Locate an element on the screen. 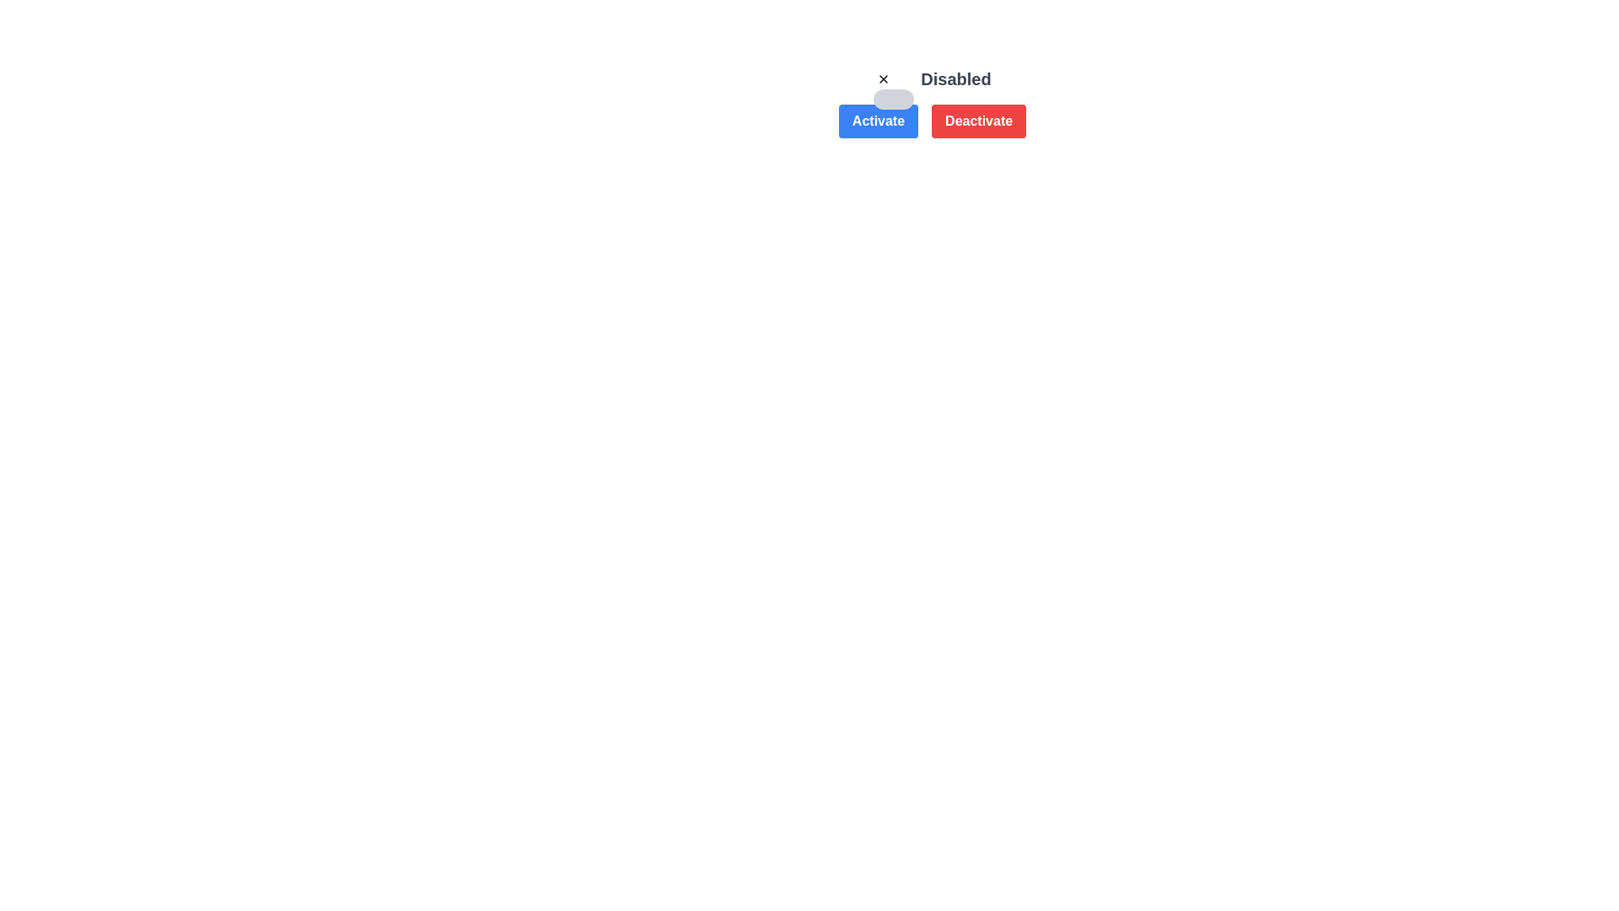  the blue 'Activate' button with bold white text is located at coordinates (877, 120).